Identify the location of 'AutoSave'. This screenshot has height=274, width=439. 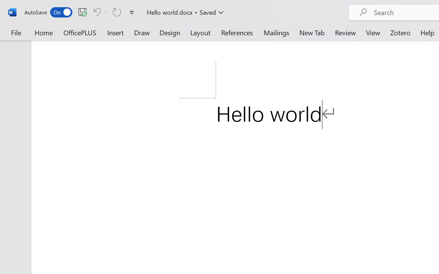
(48, 12).